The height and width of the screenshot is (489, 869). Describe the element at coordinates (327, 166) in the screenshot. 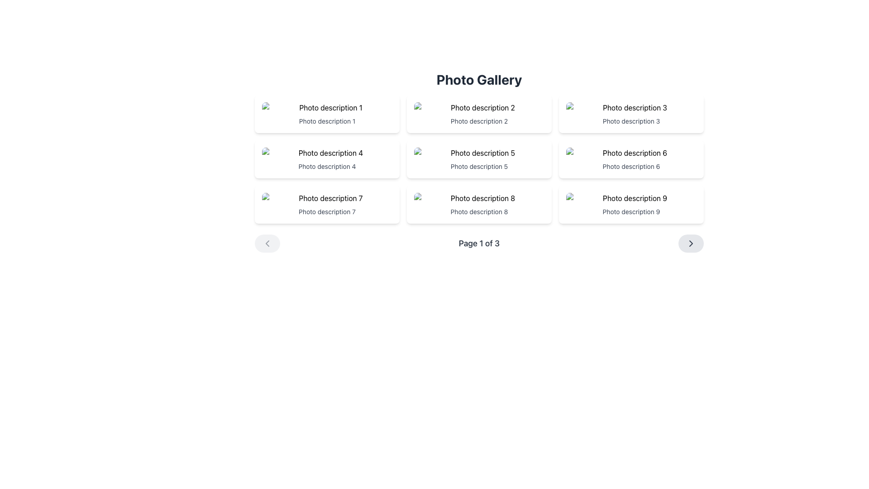

I see `the label displaying 'Photo description 4' which is centered in a rectangular card and located in the second row, second column of the grid layout` at that location.